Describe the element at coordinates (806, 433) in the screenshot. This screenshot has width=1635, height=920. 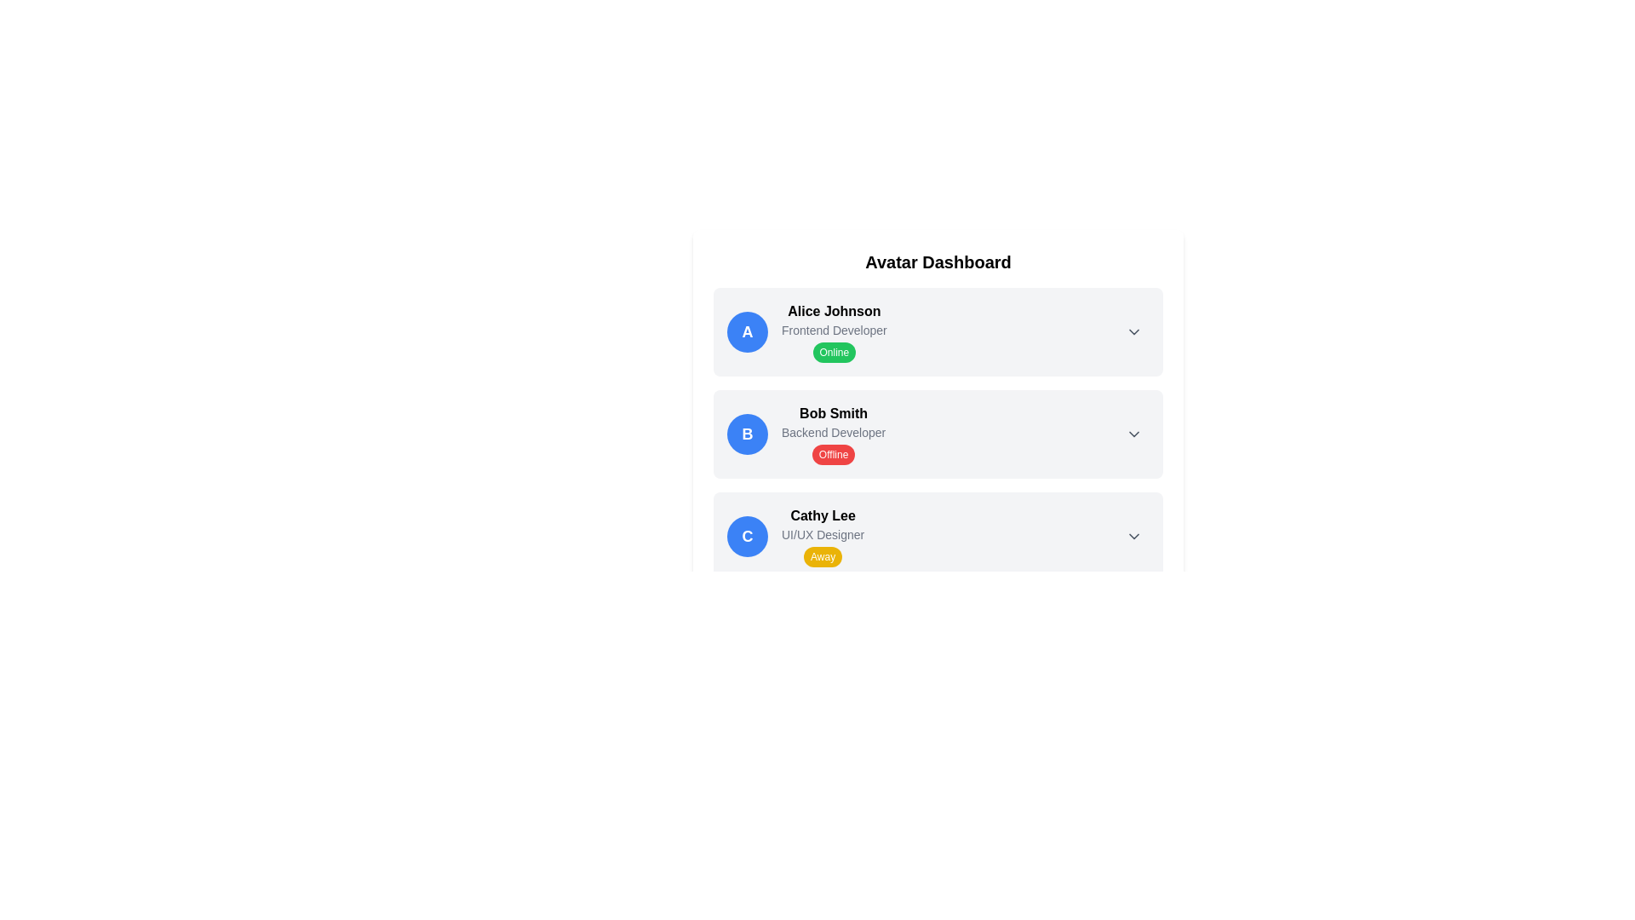
I see `the user profile summary panel for 'Bob Smith', which features a circular blue avatar with the letter 'B', his name in bold, title in lighter text, and an 'Offline' status badge` at that location.